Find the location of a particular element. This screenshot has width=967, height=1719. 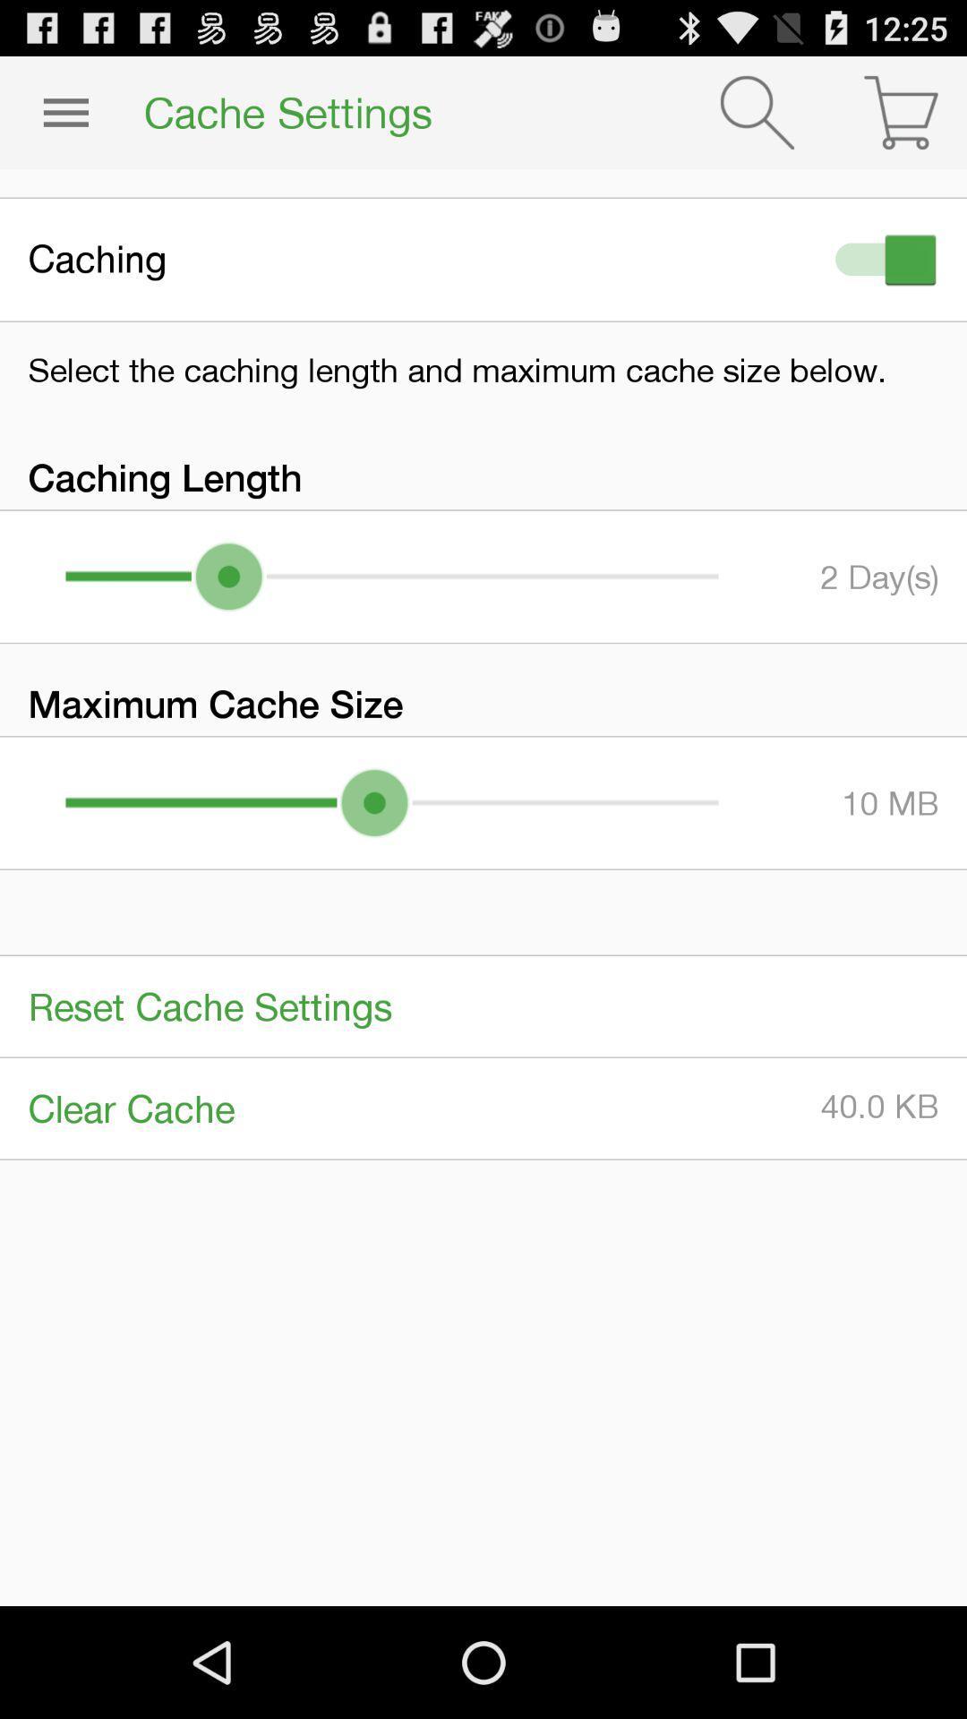

the search icon is located at coordinates (757, 119).